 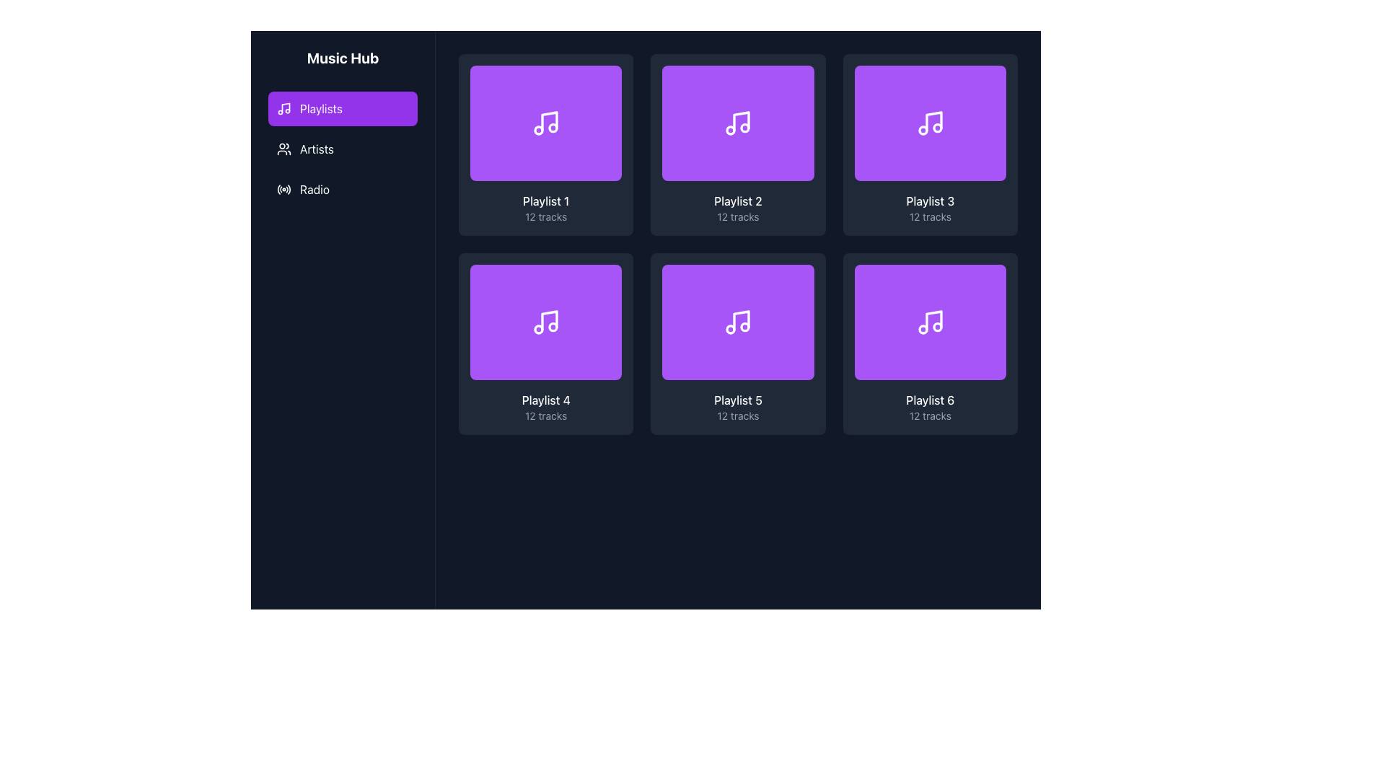 What do you see at coordinates (731, 329) in the screenshot?
I see `the circular vector graphic component located near the bottom-left of the music note icon in the 'Playlist 5' card` at bounding box center [731, 329].